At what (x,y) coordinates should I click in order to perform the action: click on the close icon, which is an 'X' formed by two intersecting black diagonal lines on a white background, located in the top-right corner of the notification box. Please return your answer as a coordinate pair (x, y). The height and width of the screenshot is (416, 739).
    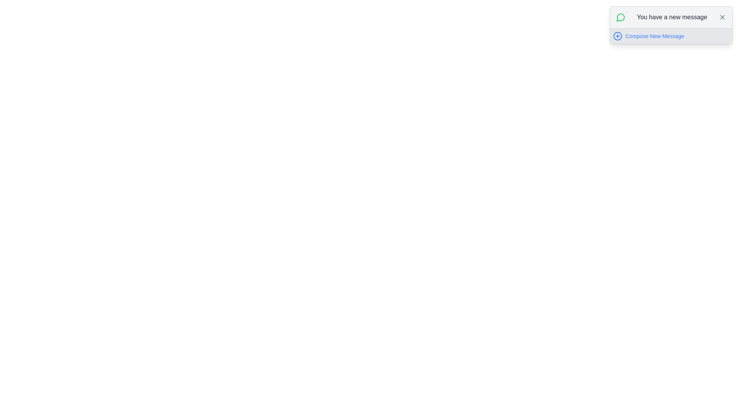
    Looking at the image, I should click on (722, 17).